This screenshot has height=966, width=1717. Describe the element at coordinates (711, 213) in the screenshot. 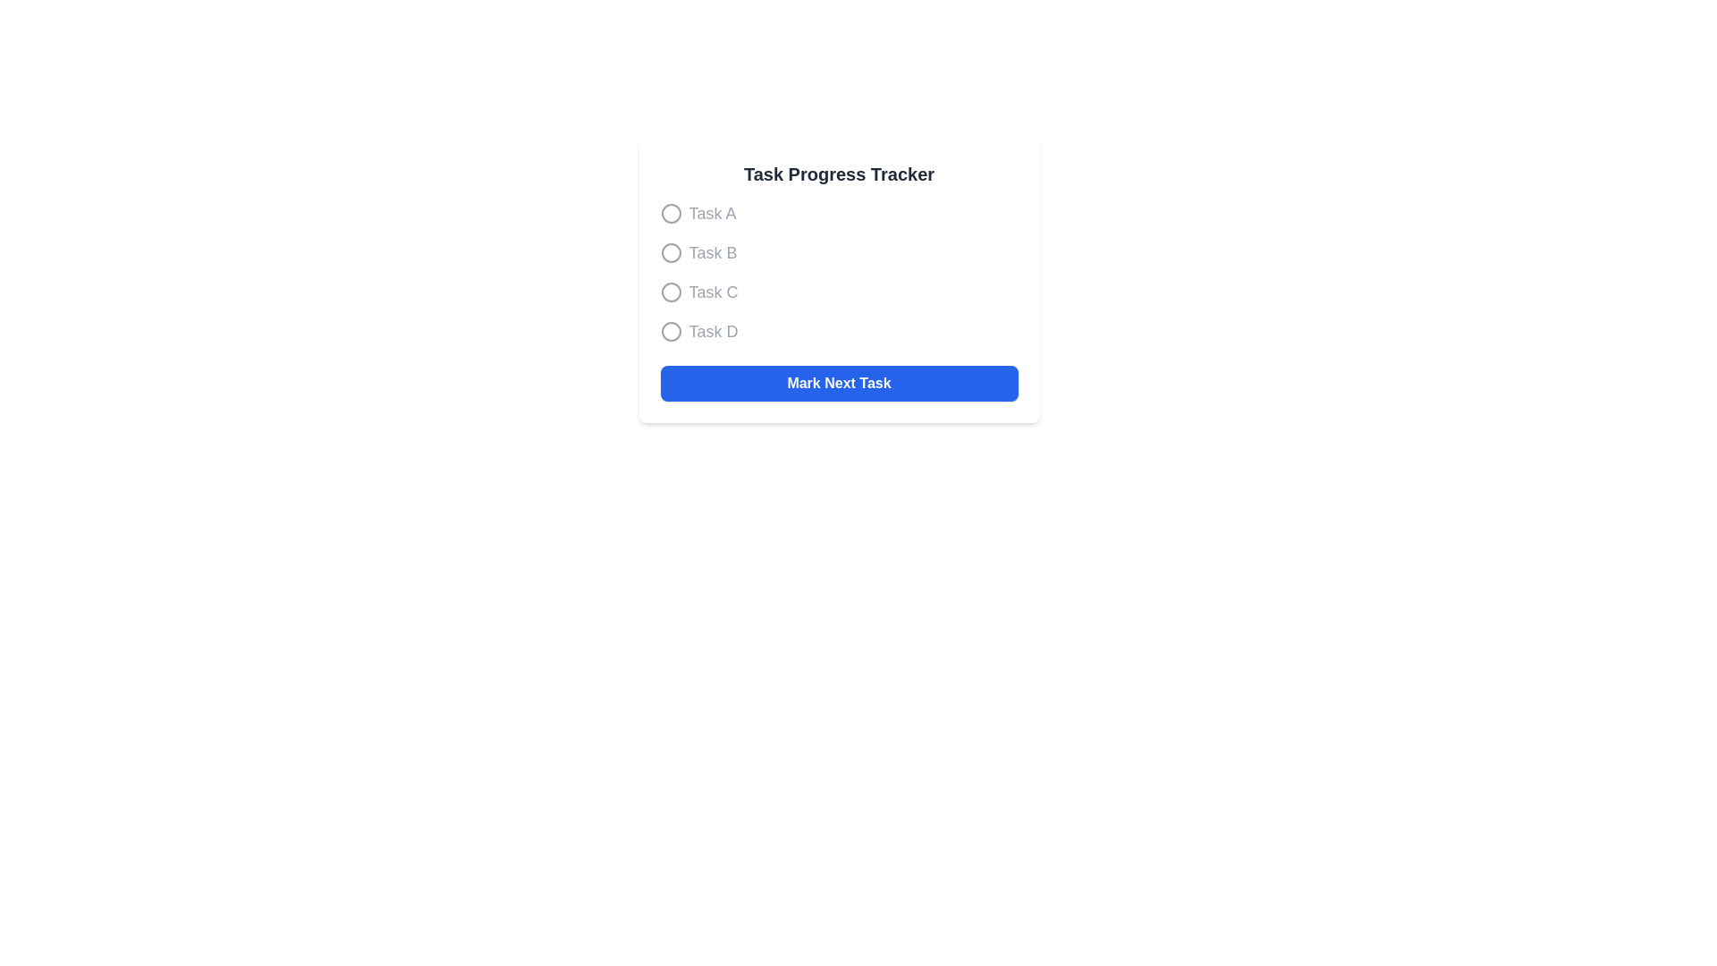

I see `the text label that displays the name of the first task in progress within the task progress tracker card` at that location.